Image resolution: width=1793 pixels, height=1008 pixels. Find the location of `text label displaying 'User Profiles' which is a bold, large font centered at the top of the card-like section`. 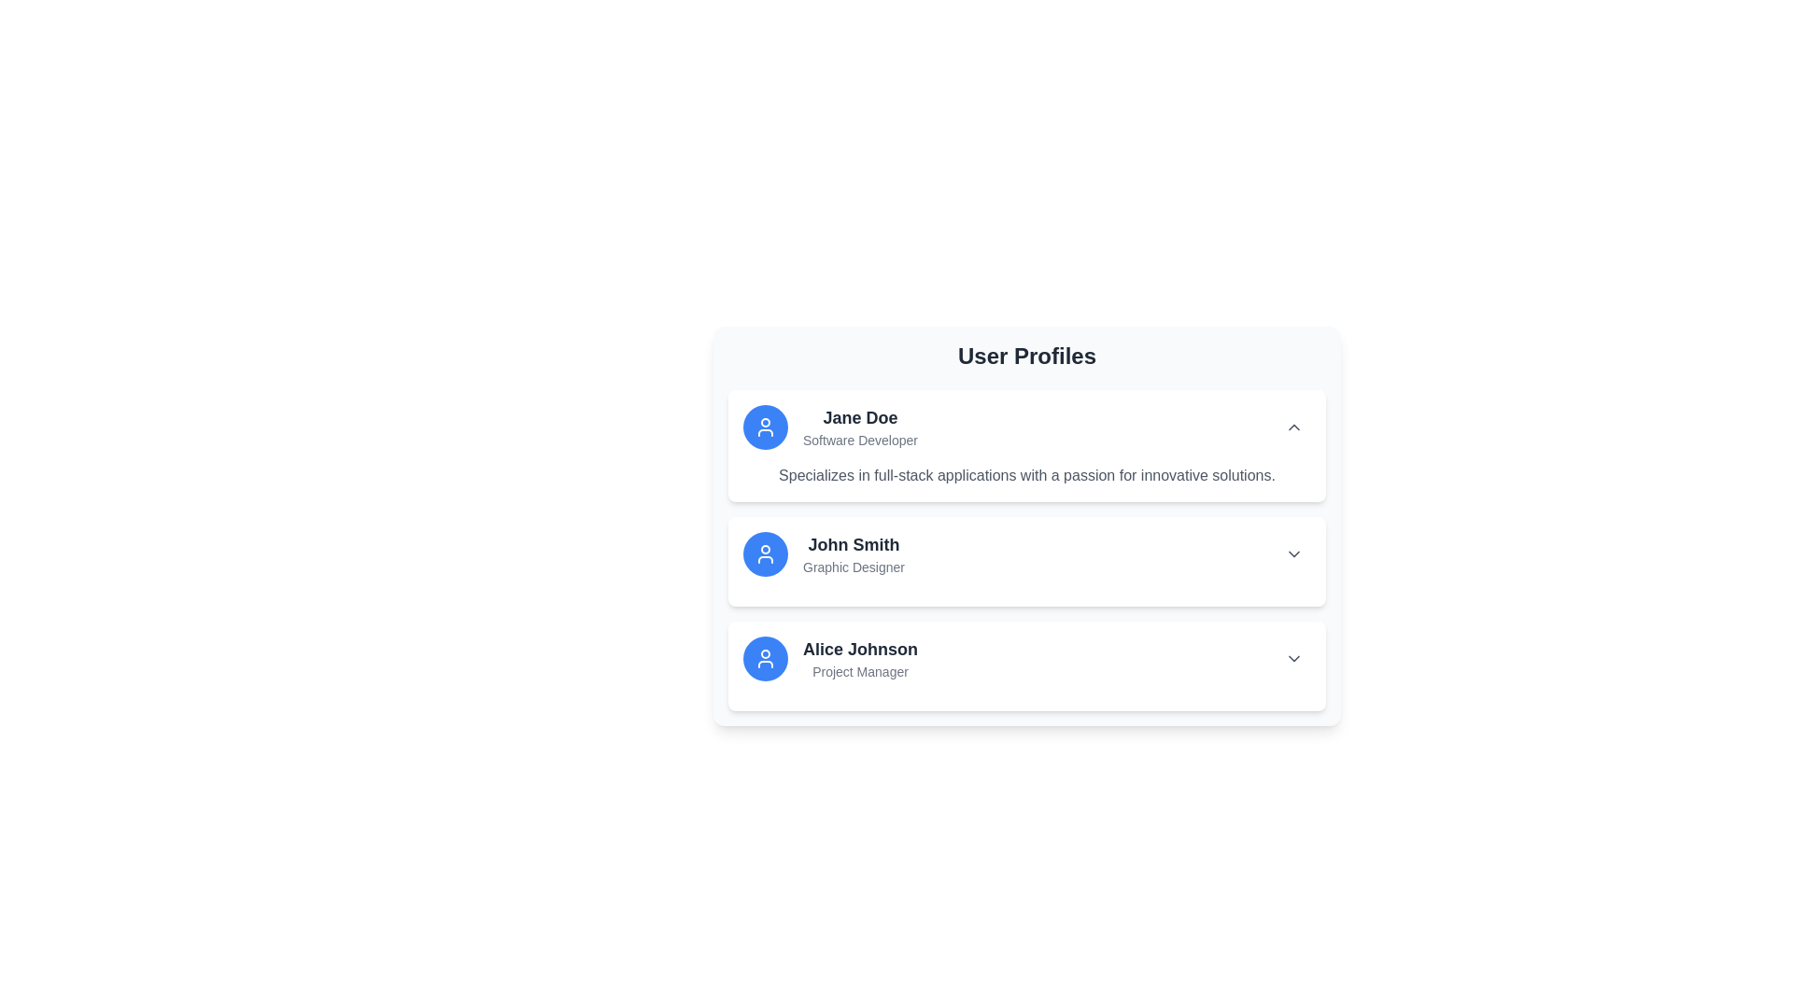

text label displaying 'User Profiles' which is a bold, large font centered at the top of the card-like section is located at coordinates (1025, 356).